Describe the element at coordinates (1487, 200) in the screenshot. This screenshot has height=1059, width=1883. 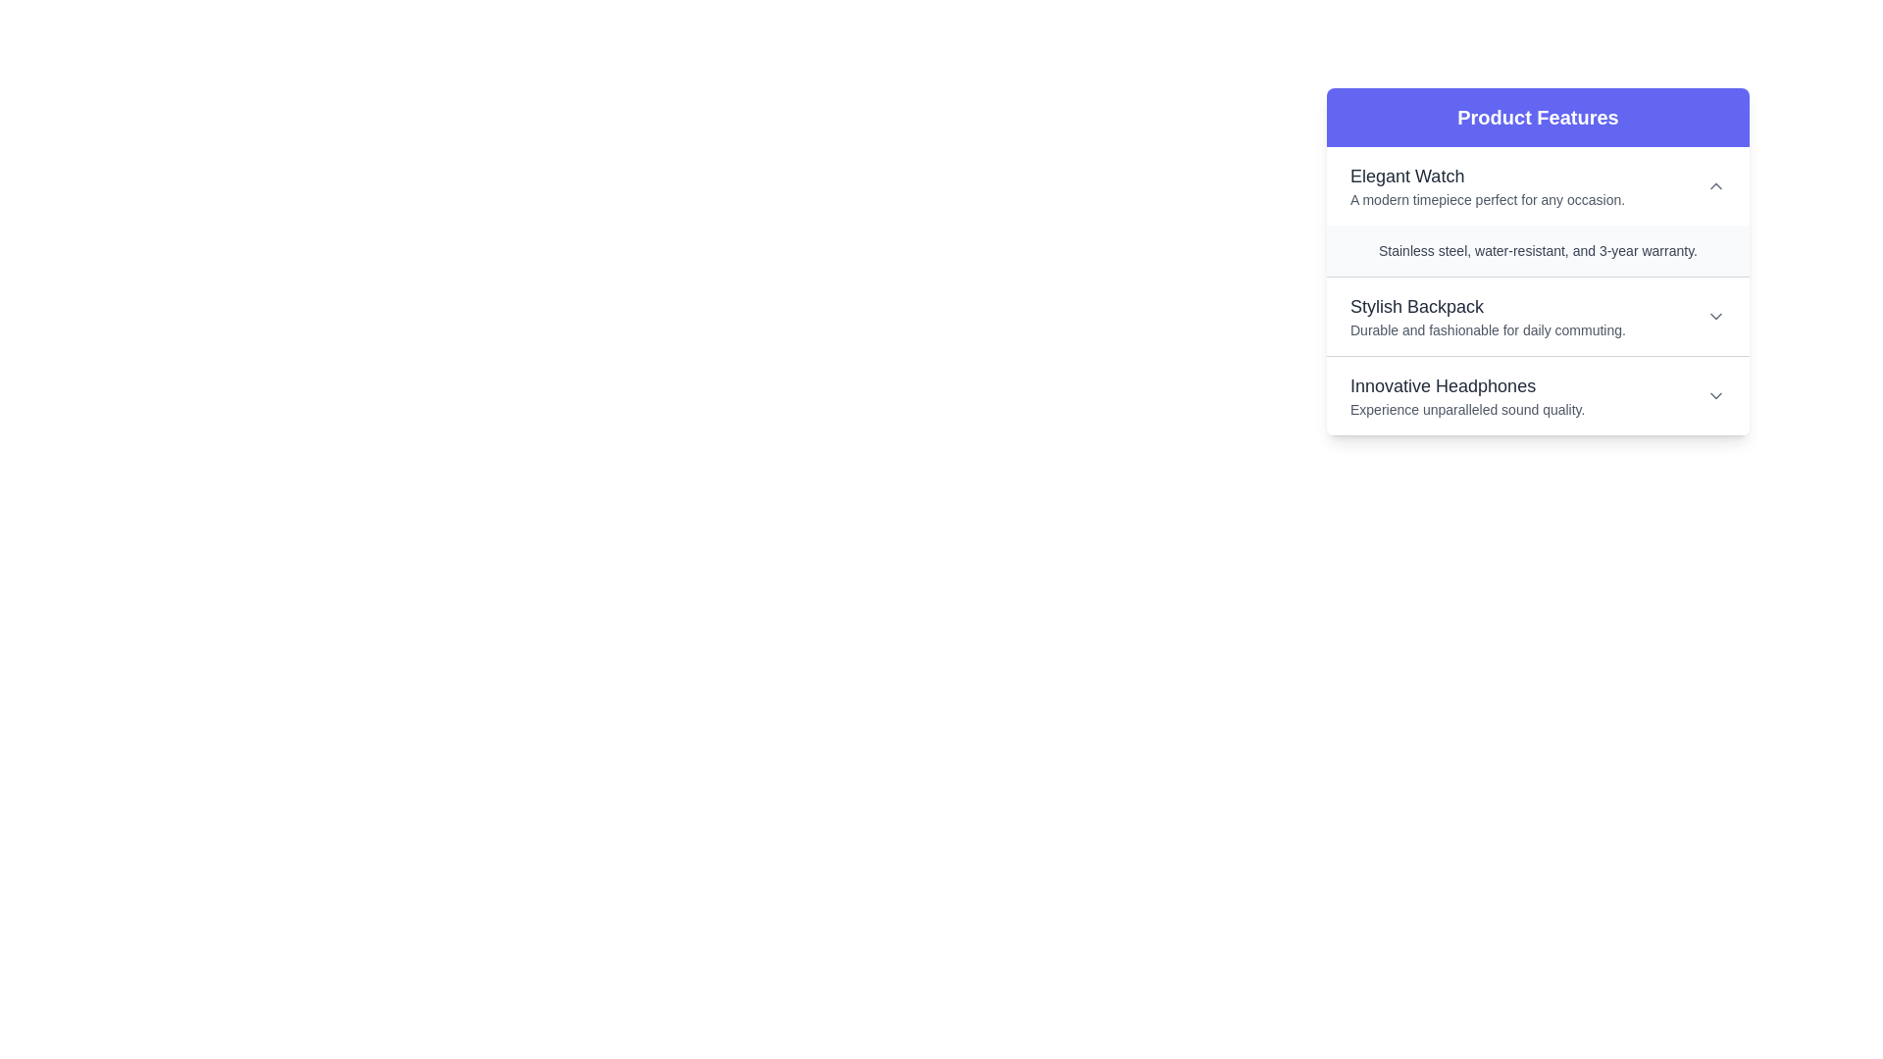
I see `text label displaying 'A modern timepiece perfect for any occasion.' located beneath the title 'Elegant Watch' within the 'Product Features' panel` at that location.